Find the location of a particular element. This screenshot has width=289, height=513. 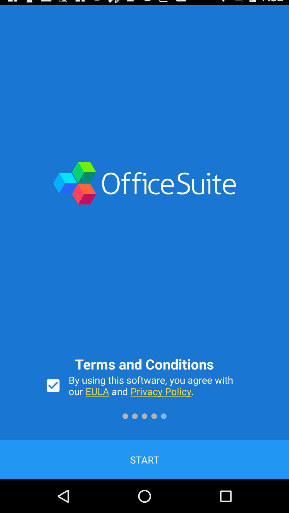

start item is located at coordinates (144, 459).